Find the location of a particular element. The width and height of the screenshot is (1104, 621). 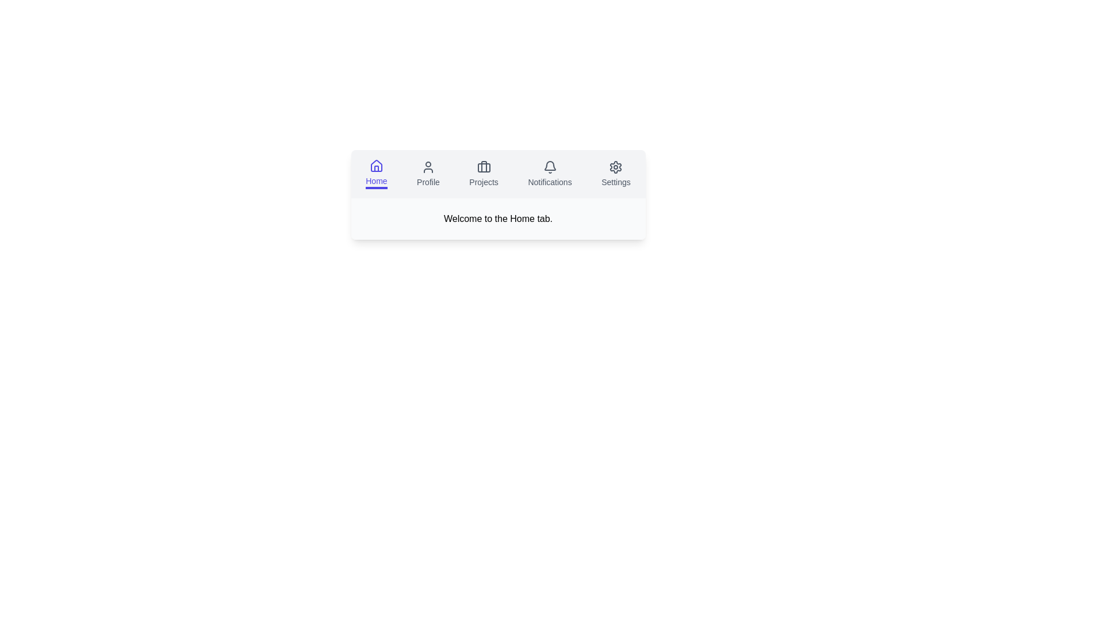

text label 'Profile' which is styled in gray and located in the second item of the horizontal navigation menu beneath the user profile icon is located at coordinates (427, 181).